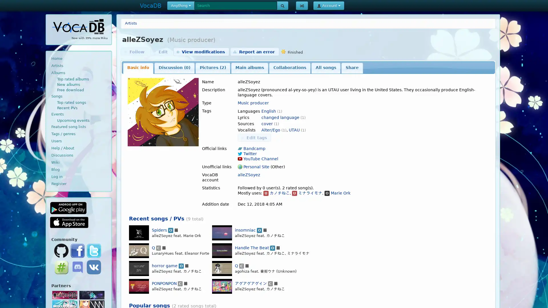  I want to click on View modifications, so click(201, 52).